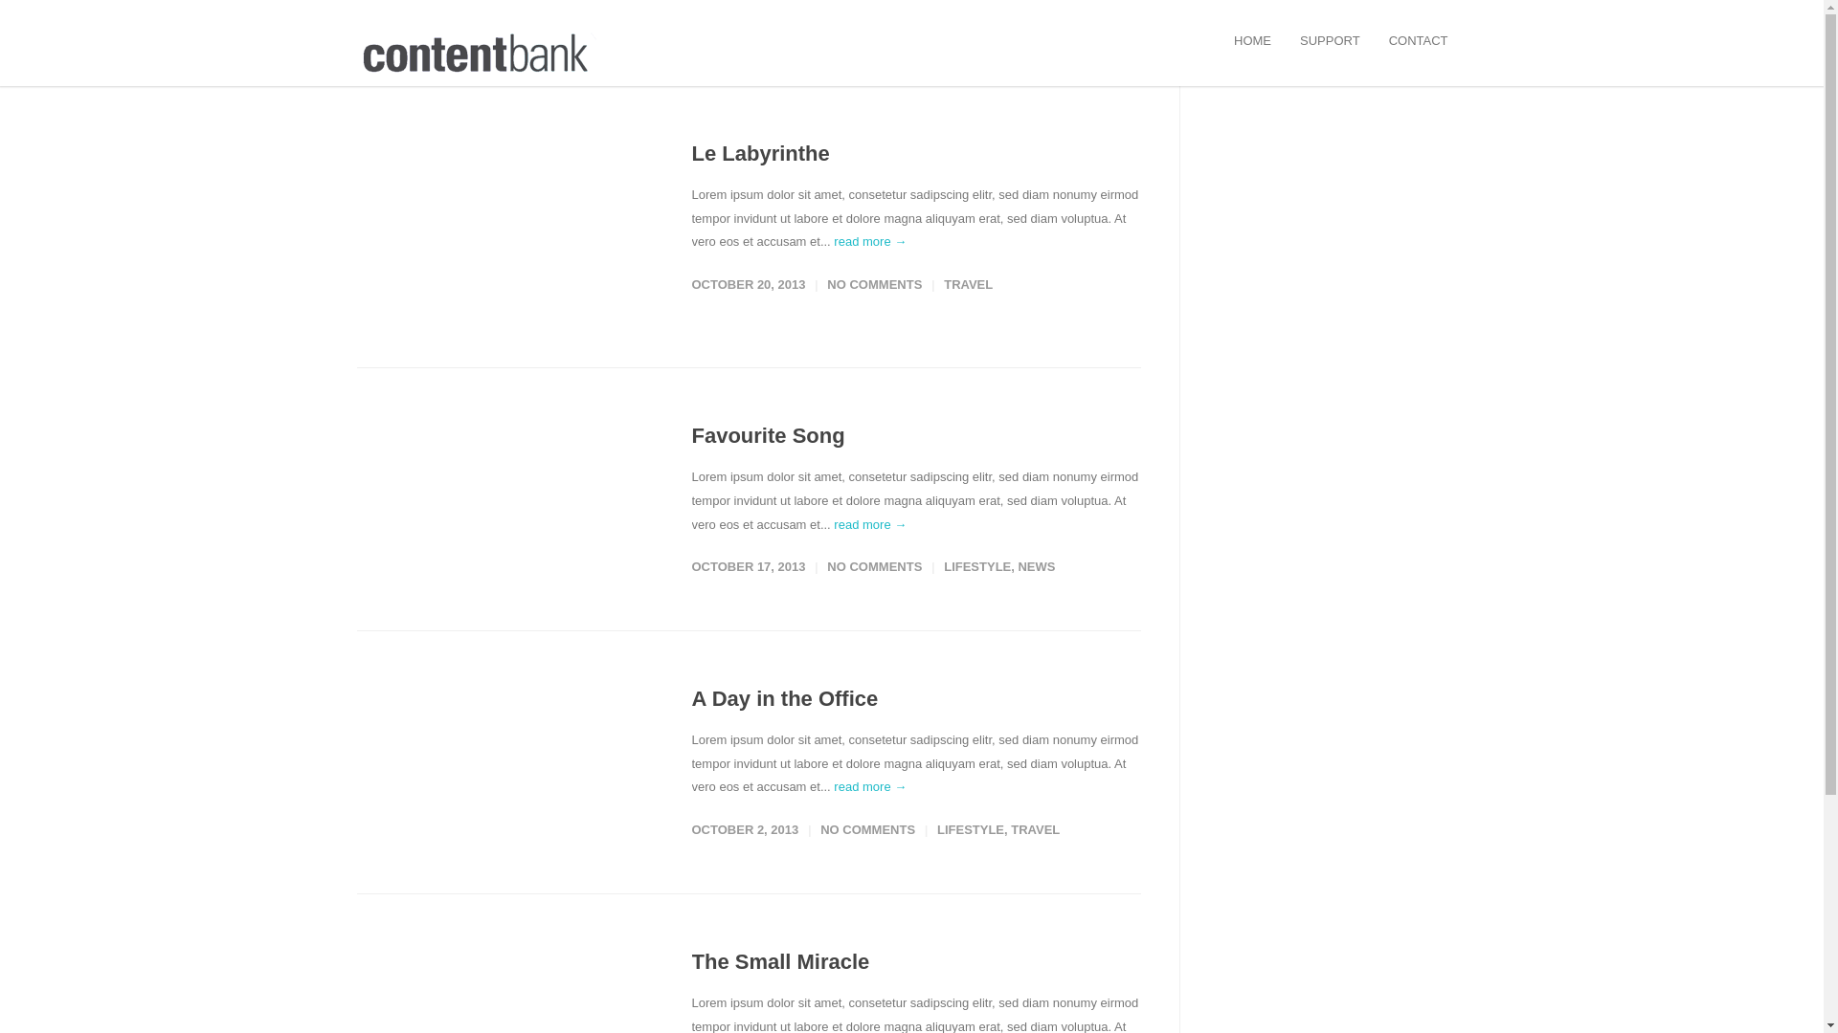  What do you see at coordinates (1286, 40) in the screenshot?
I see `'SUPPORT'` at bounding box center [1286, 40].